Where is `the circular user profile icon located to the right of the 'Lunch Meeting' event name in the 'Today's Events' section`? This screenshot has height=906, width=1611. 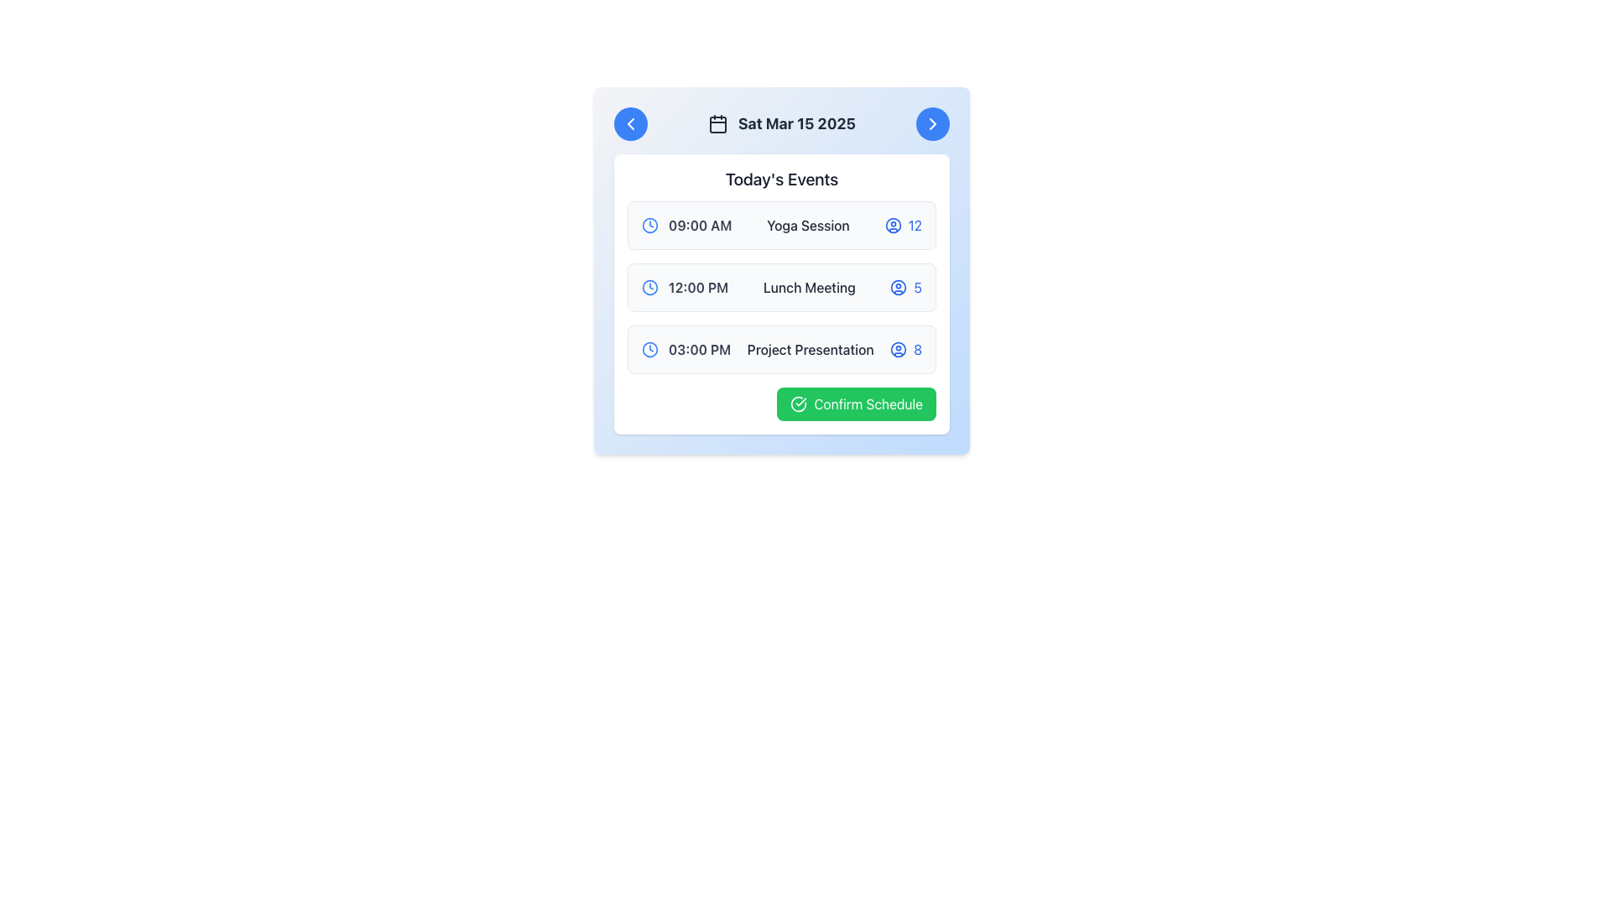
the circular user profile icon located to the right of the 'Lunch Meeting' event name in the 'Today's Events' section is located at coordinates (897, 287).